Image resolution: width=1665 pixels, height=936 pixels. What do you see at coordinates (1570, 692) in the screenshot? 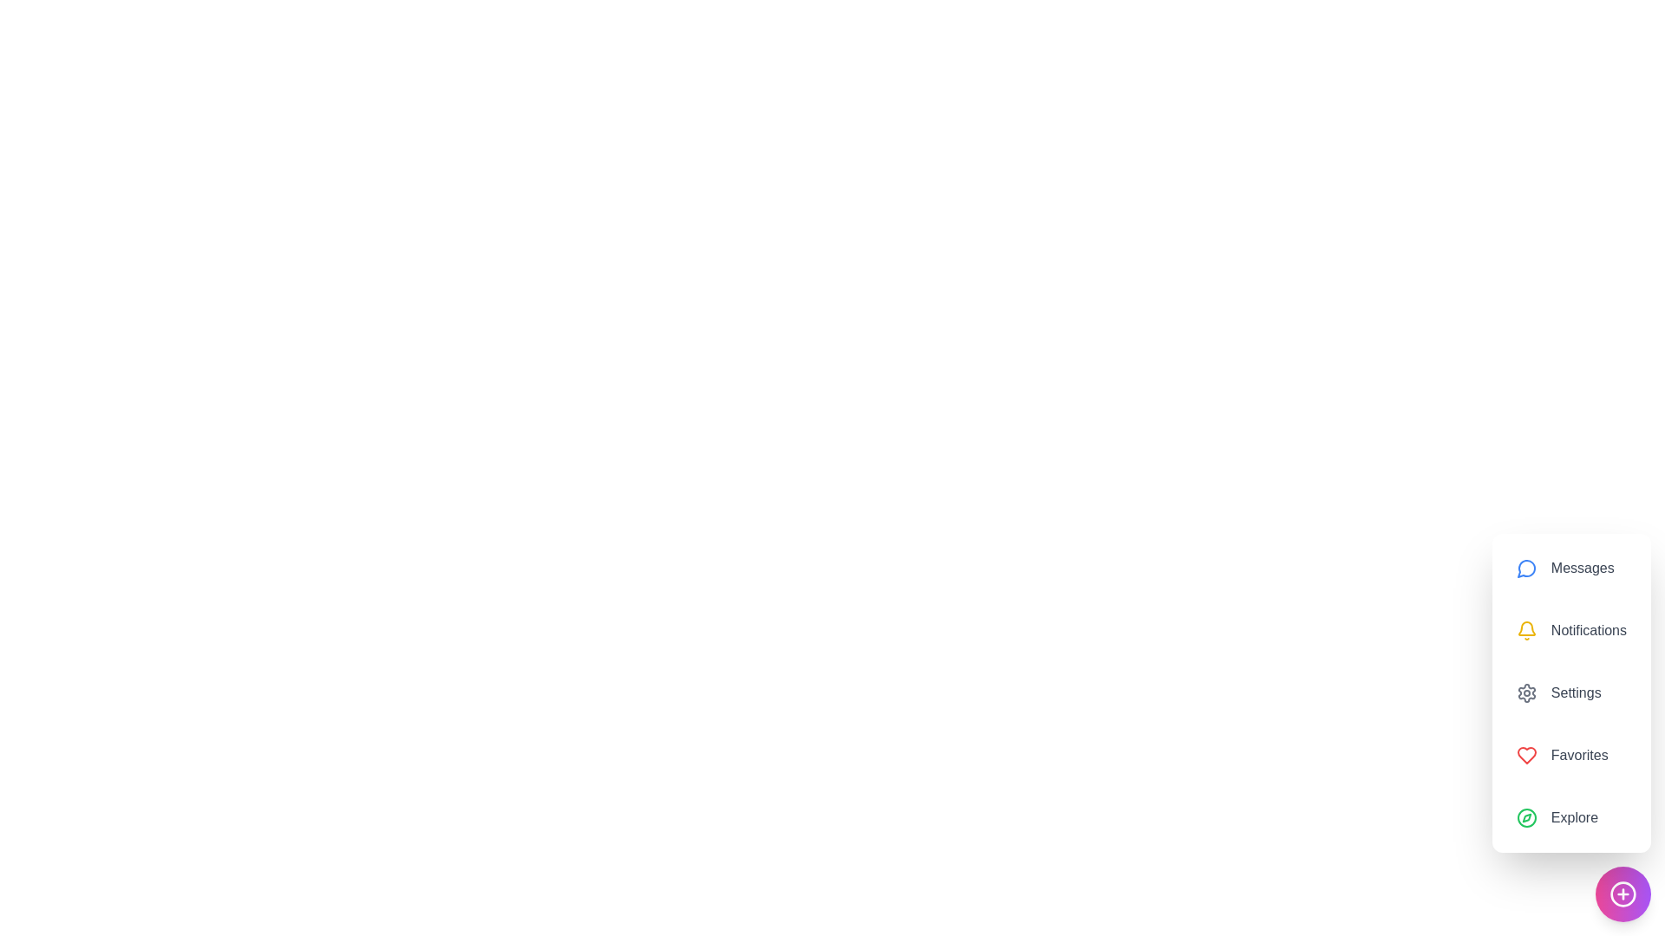
I see `the 'Settings' option in the DashboardAssistant component` at bounding box center [1570, 692].